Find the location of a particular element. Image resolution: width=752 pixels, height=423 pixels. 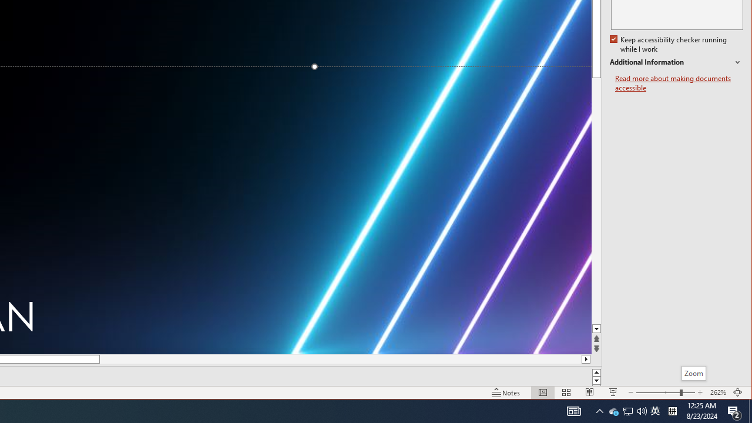

'Read more about making documents accessible' is located at coordinates (679, 83).